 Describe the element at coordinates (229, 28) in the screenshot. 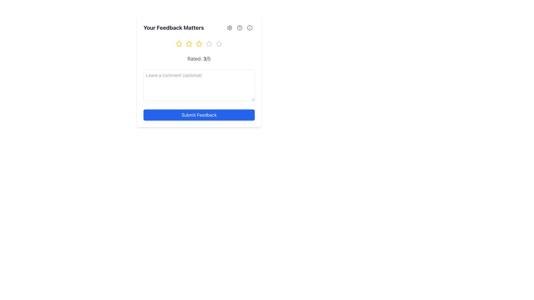

I see `the settings button located in the top-right corner of the feedback card module` at that location.